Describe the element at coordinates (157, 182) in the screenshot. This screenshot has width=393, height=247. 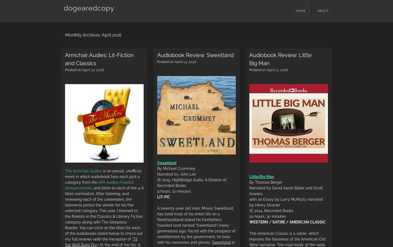
I see `'Ⓟ 2015, HighBridge Audio, A Division of Recorded Books'` at that location.